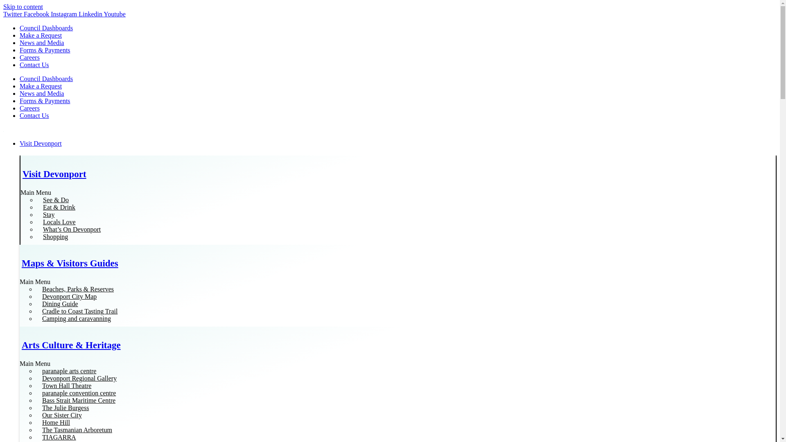  What do you see at coordinates (35, 311) in the screenshot?
I see `'Cradle to Coast Tasting Trail'` at bounding box center [35, 311].